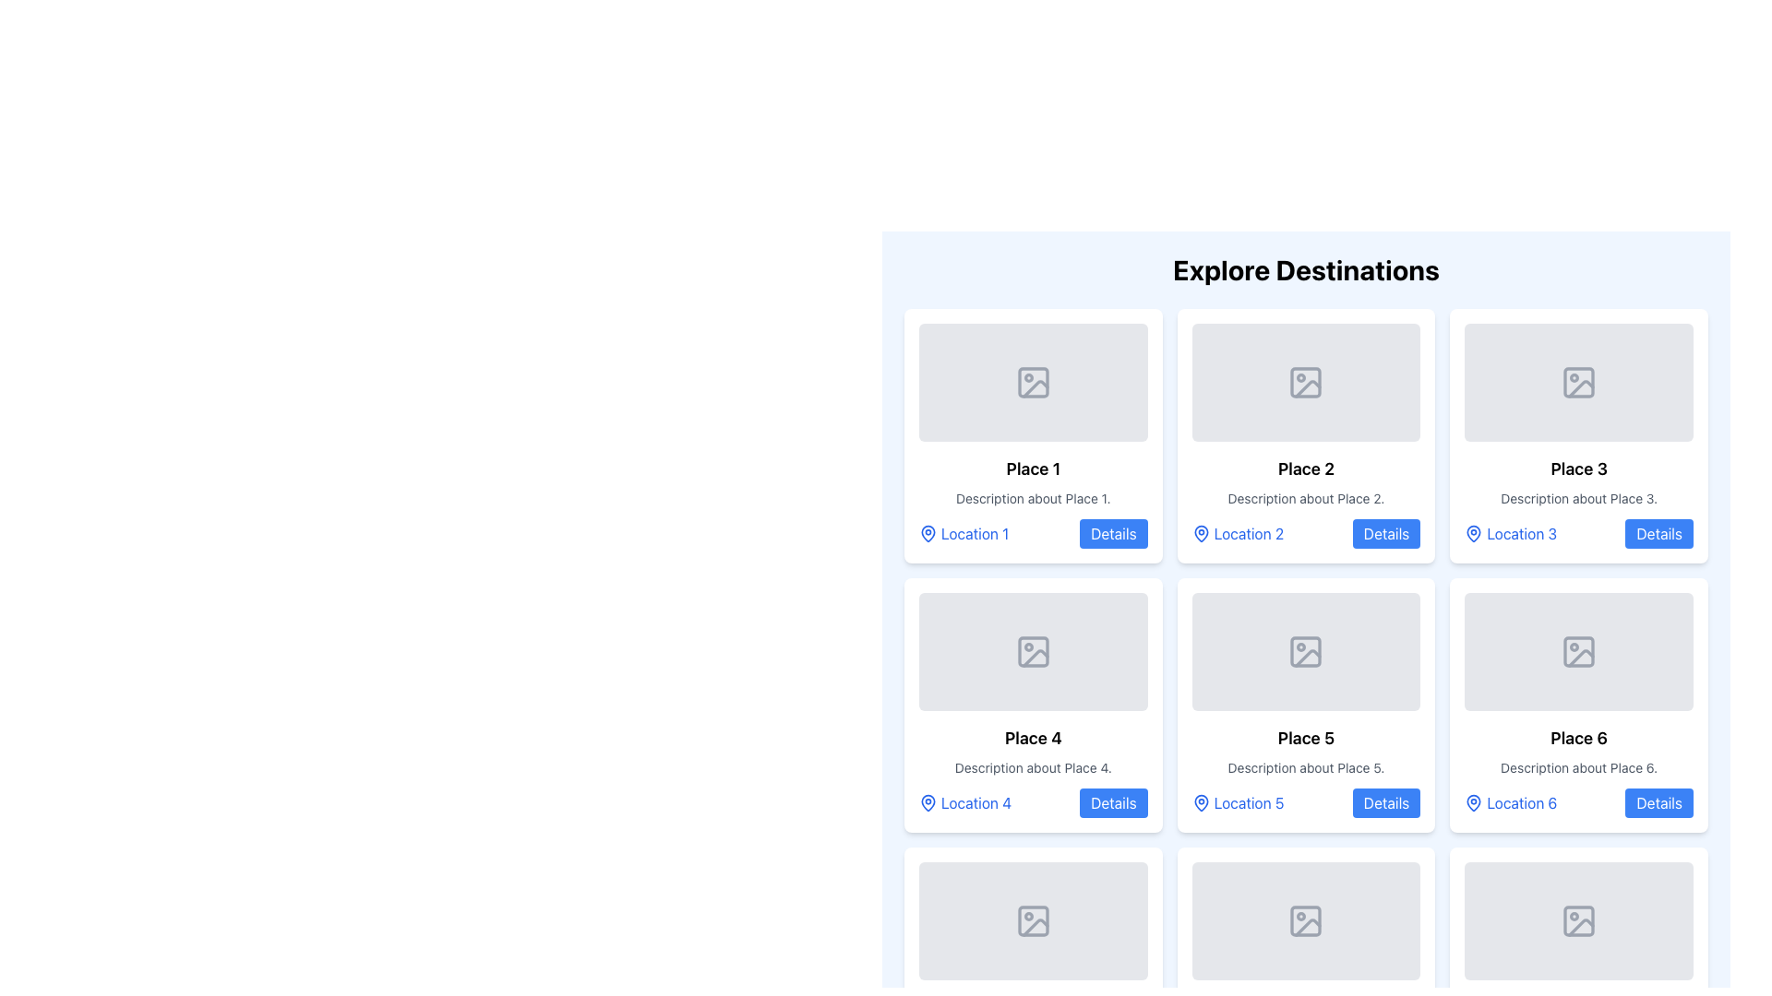 Image resolution: width=1772 pixels, height=996 pixels. I want to click on the rectangular button labeled 'Details' with white text on a blue background, located in the bottom-right corner of the card for 'Place 5', so click(1386, 802).